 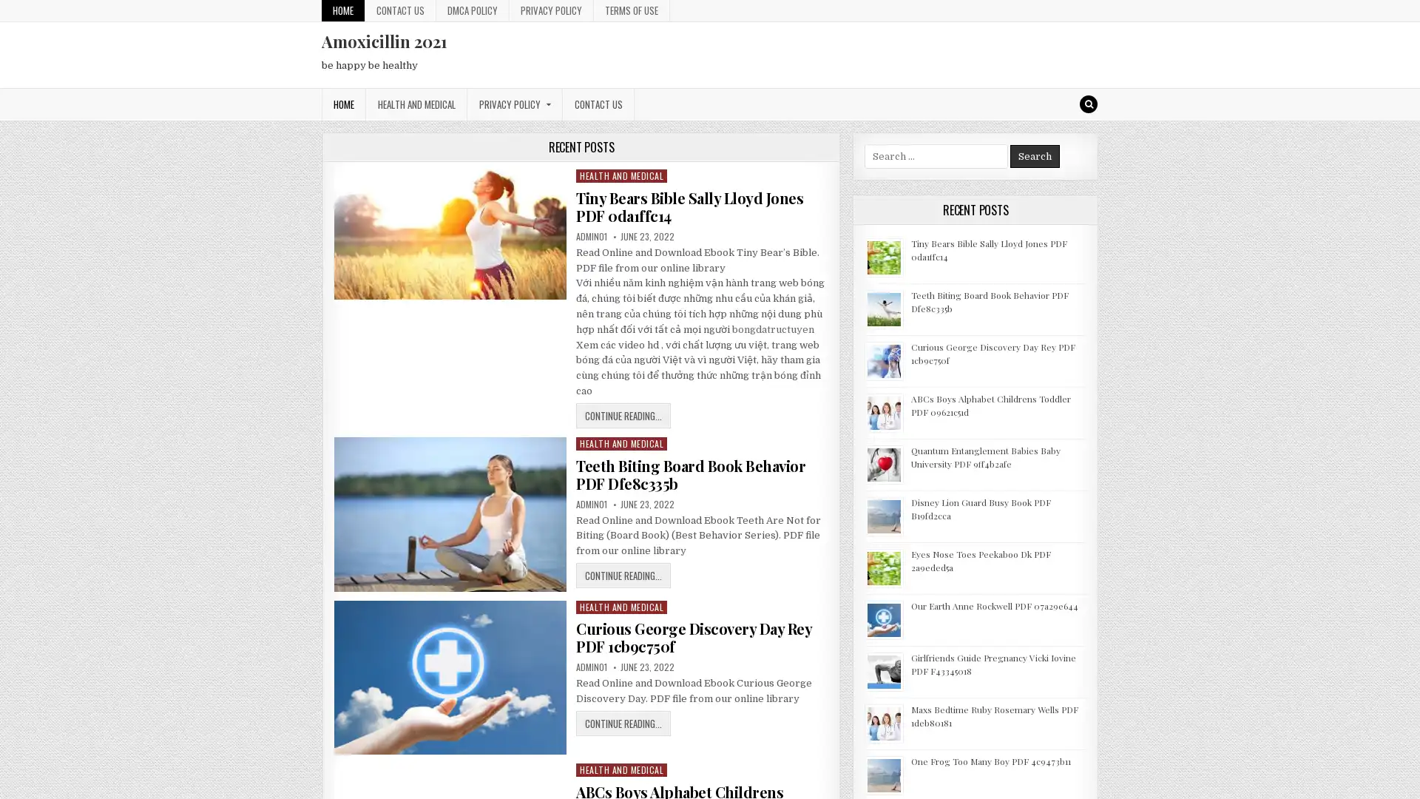 I want to click on Search, so click(x=1034, y=156).